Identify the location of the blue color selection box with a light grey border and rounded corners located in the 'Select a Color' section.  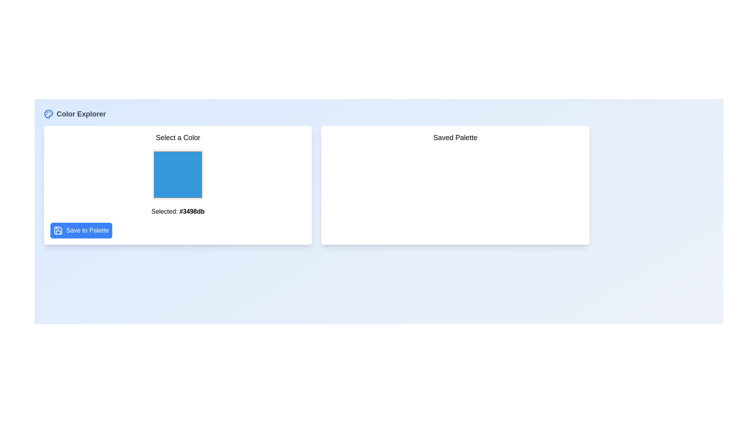
(178, 174).